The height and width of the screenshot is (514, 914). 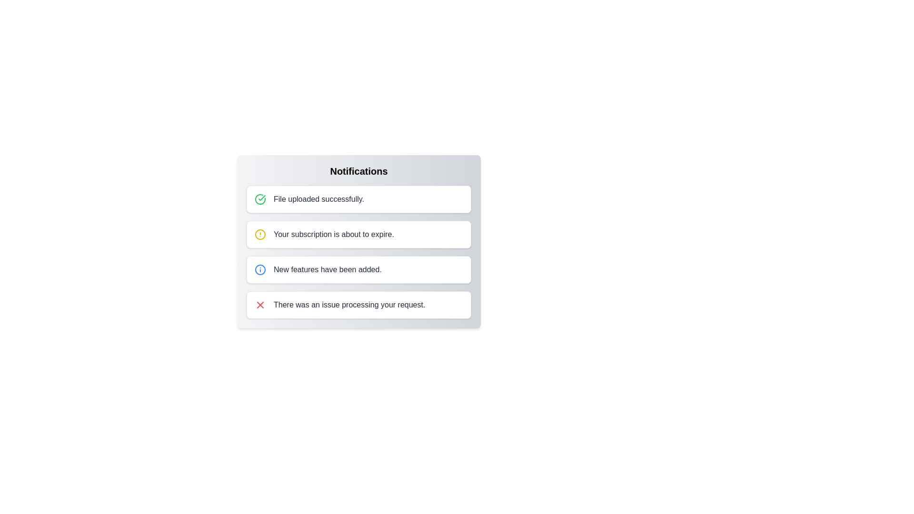 What do you see at coordinates (358, 199) in the screenshot?
I see `the Notification box that indicates a successful file upload, which is positioned at the top of the notifications list and features a green checkmark icon on the left` at bounding box center [358, 199].